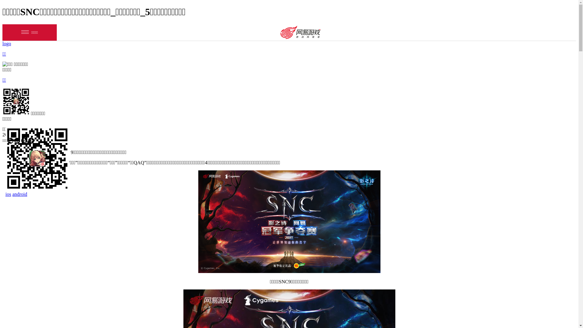 The image size is (583, 328). Describe the element at coordinates (20, 194) in the screenshot. I see `'android'` at that location.